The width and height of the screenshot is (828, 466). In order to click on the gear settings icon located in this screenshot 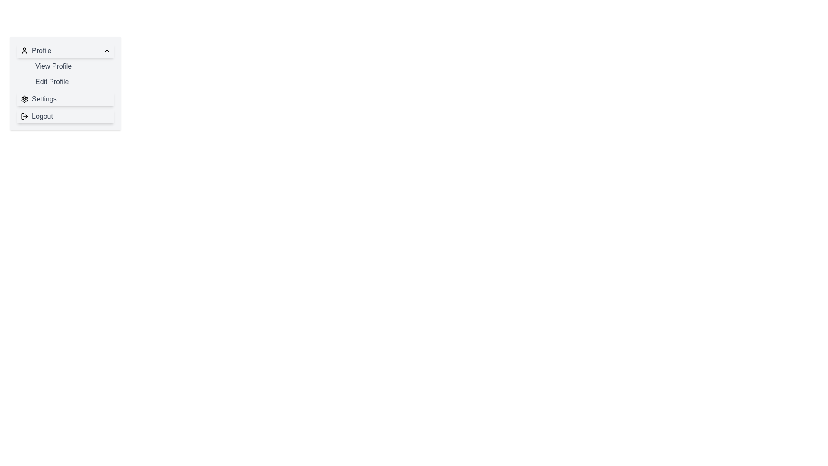, I will do `click(25, 99)`.